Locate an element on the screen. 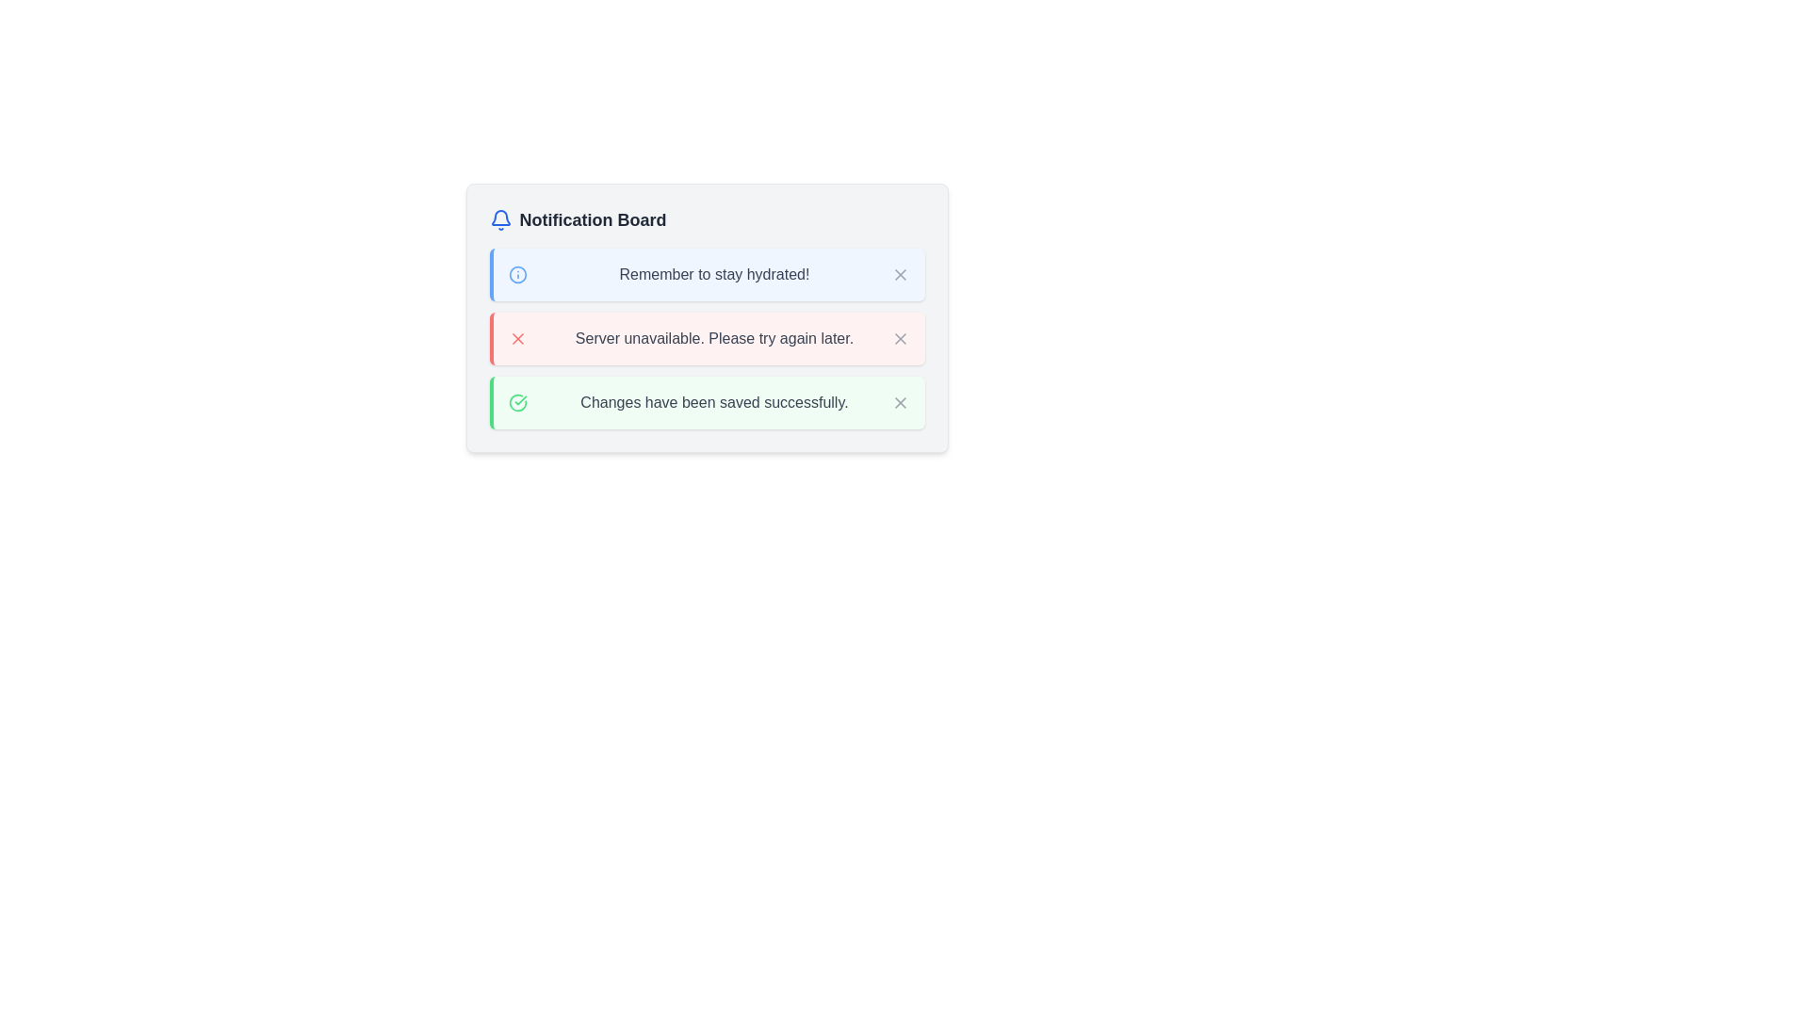  the circular 'X' button at the end of the second notification message is located at coordinates (899, 337).